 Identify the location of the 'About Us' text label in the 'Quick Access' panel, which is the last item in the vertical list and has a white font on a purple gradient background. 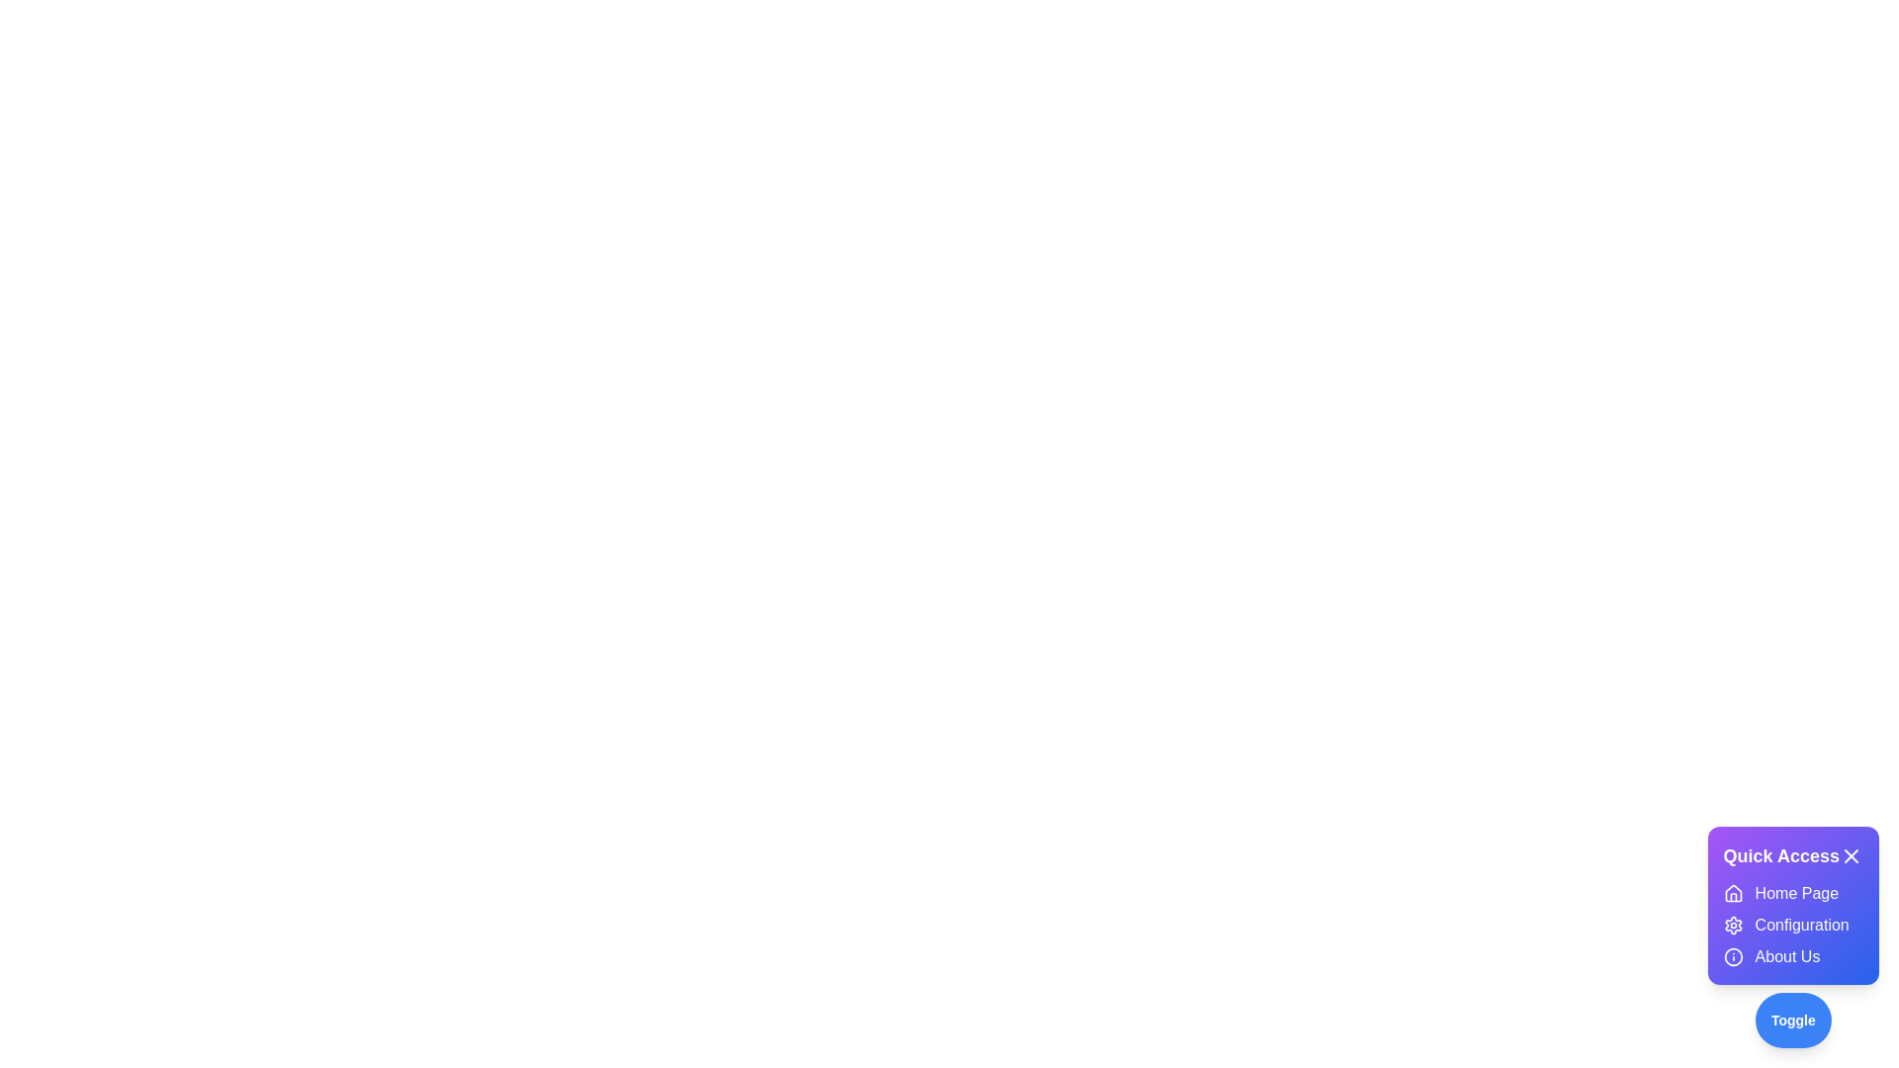
(1787, 956).